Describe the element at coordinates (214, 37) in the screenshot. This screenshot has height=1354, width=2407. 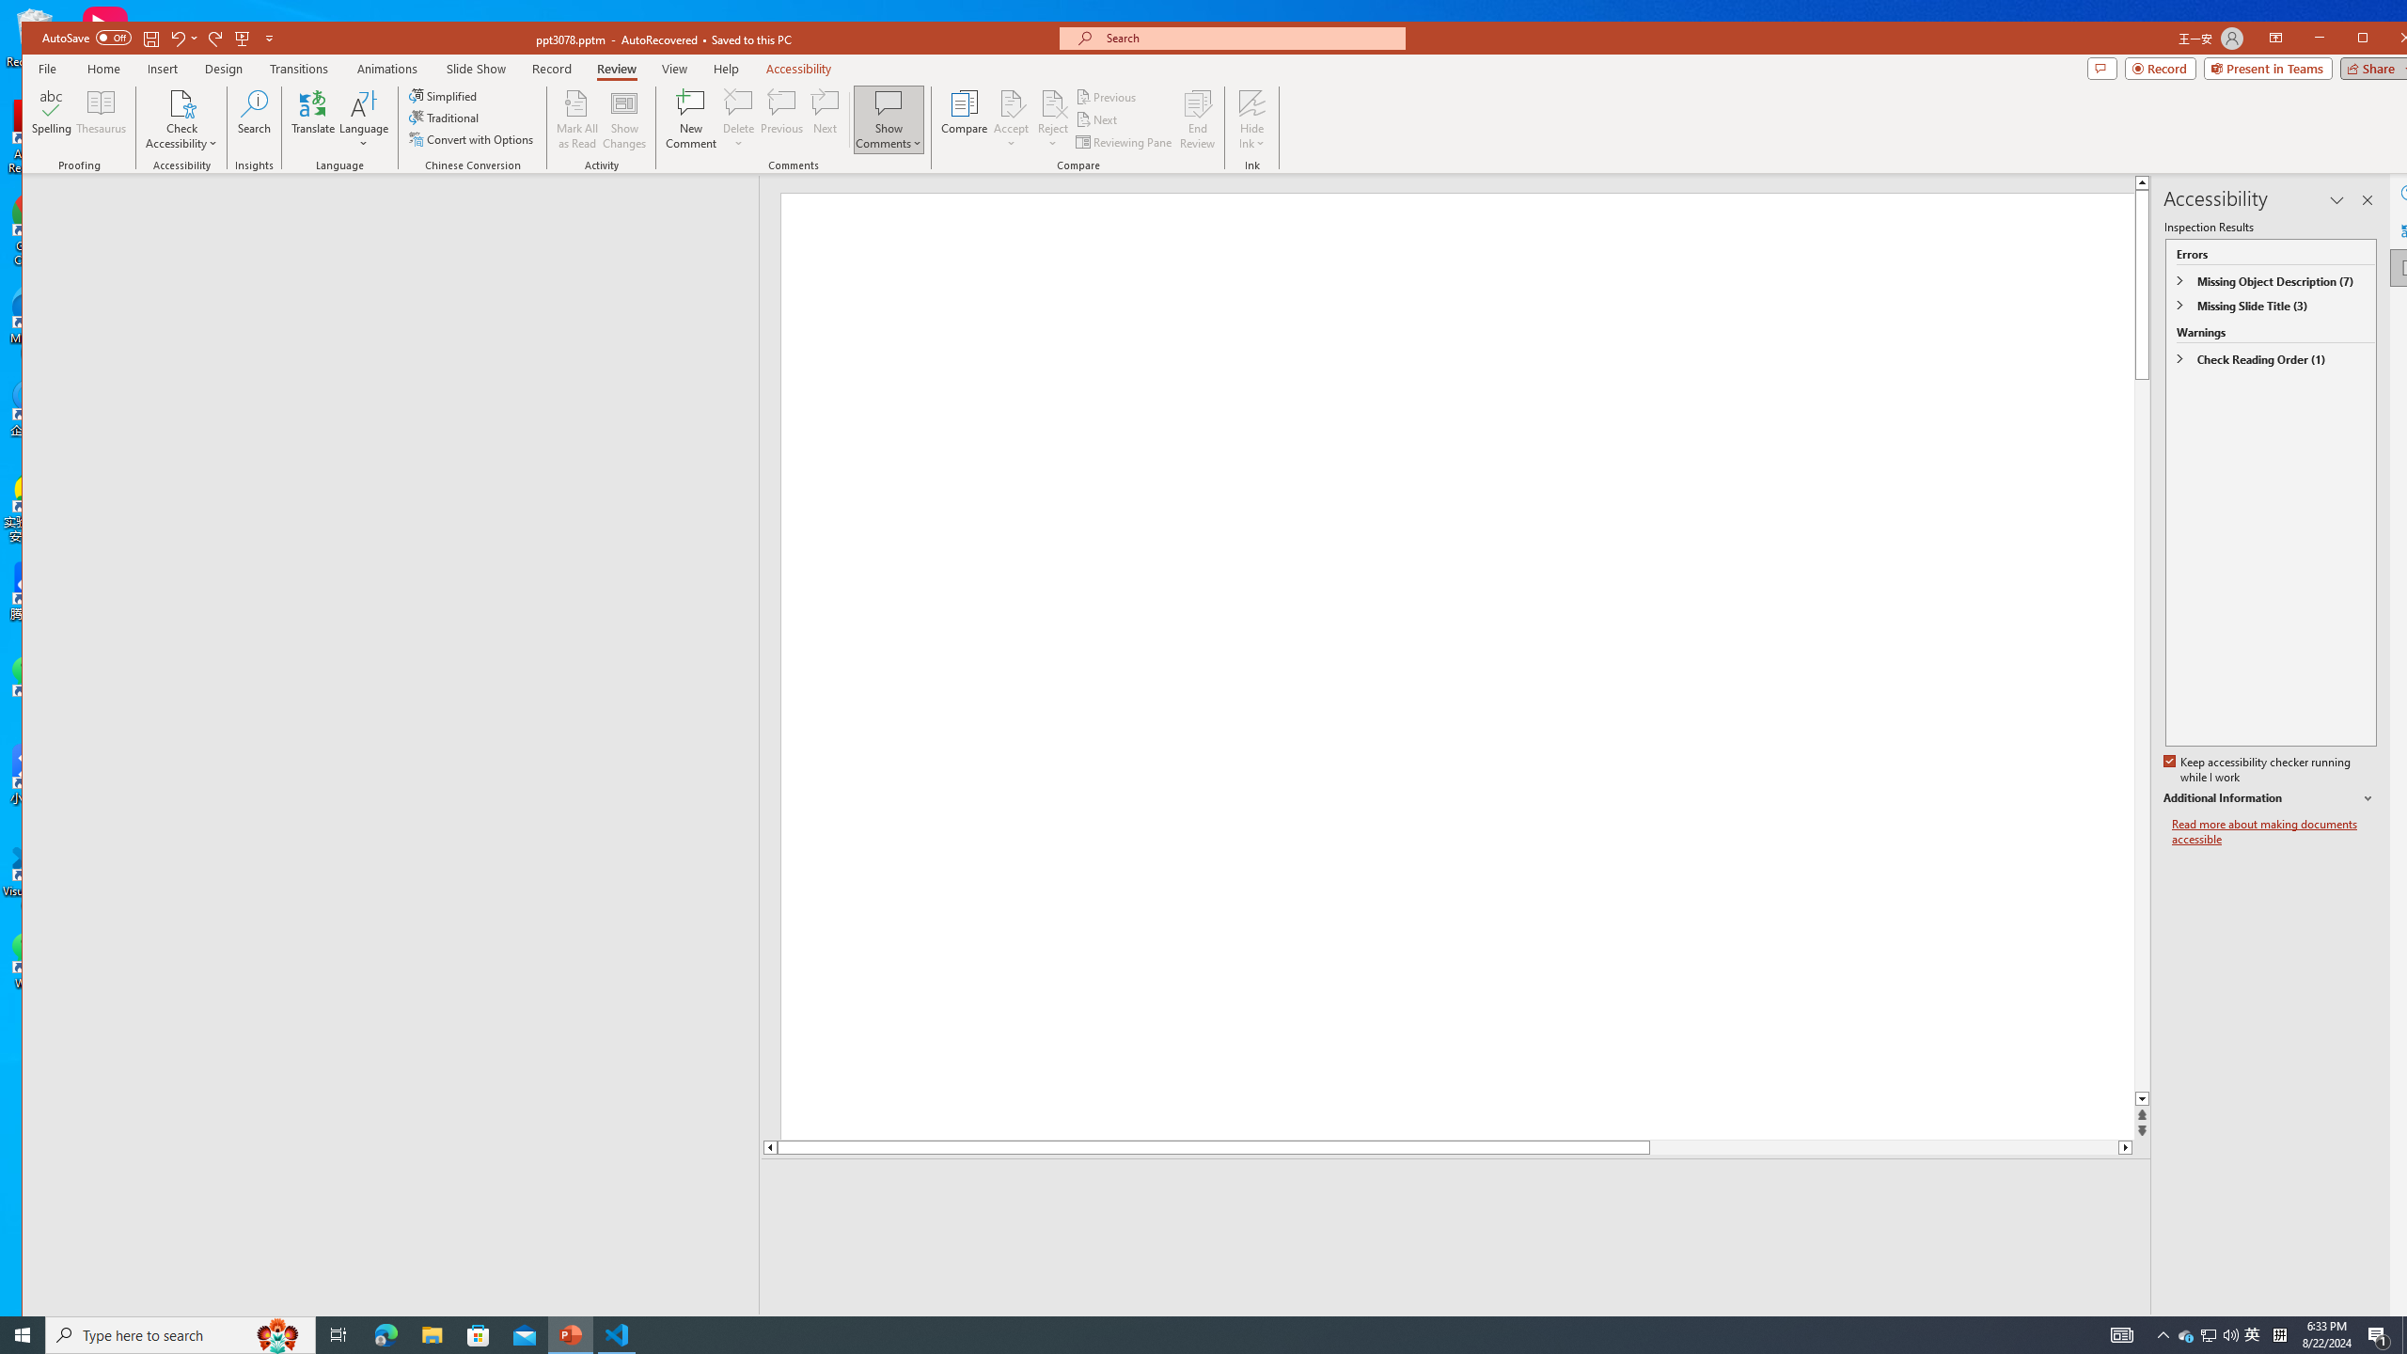
I see `'Redo'` at that location.